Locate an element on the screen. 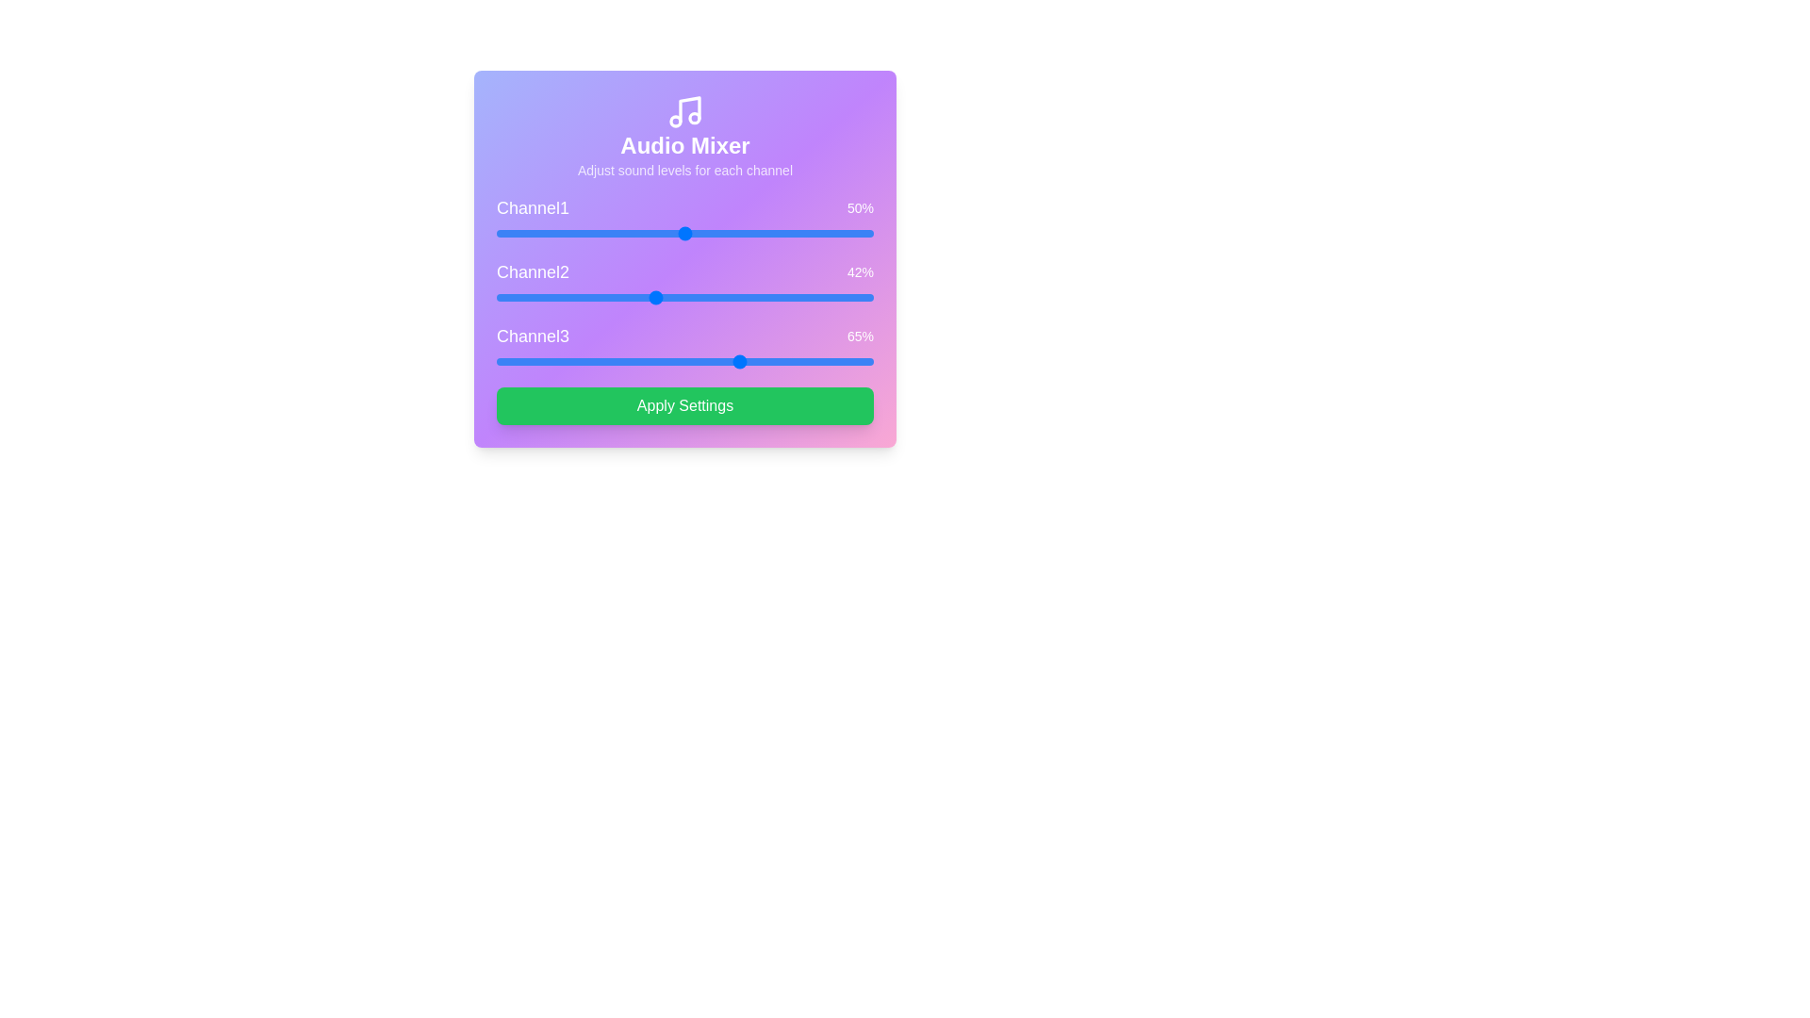 The image size is (1810, 1018). the volume of 2 to 0% is located at coordinates (497, 297).